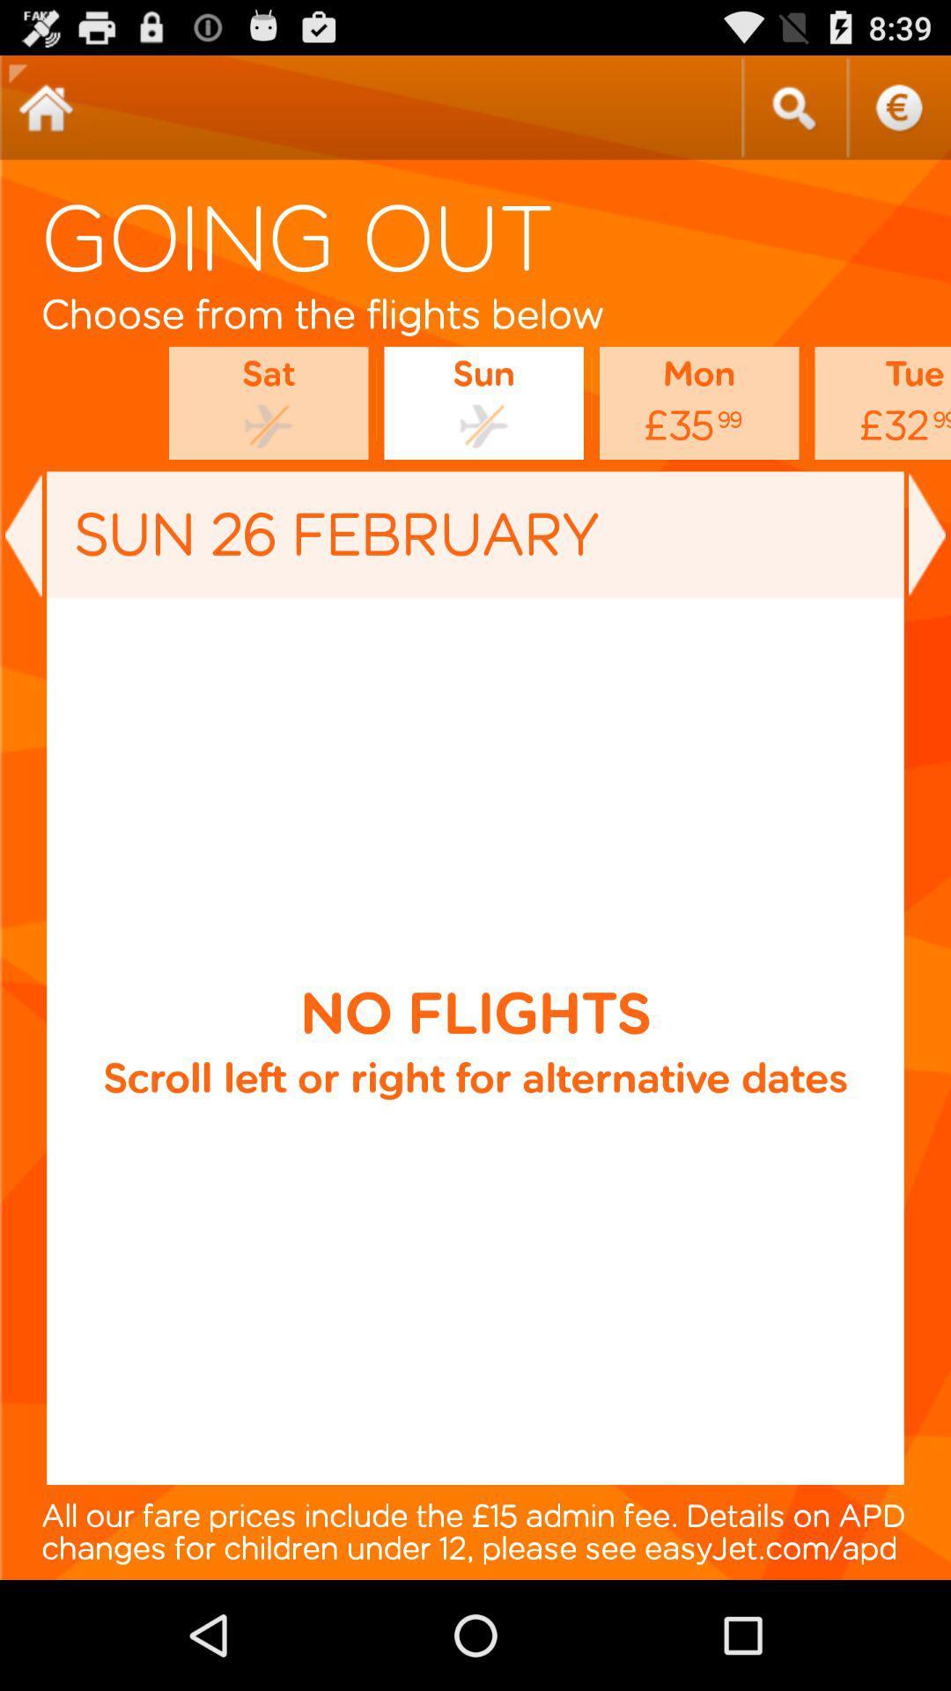 Image resolution: width=951 pixels, height=1691 pixels. I want to click on prices or buy, so click(898, 107).